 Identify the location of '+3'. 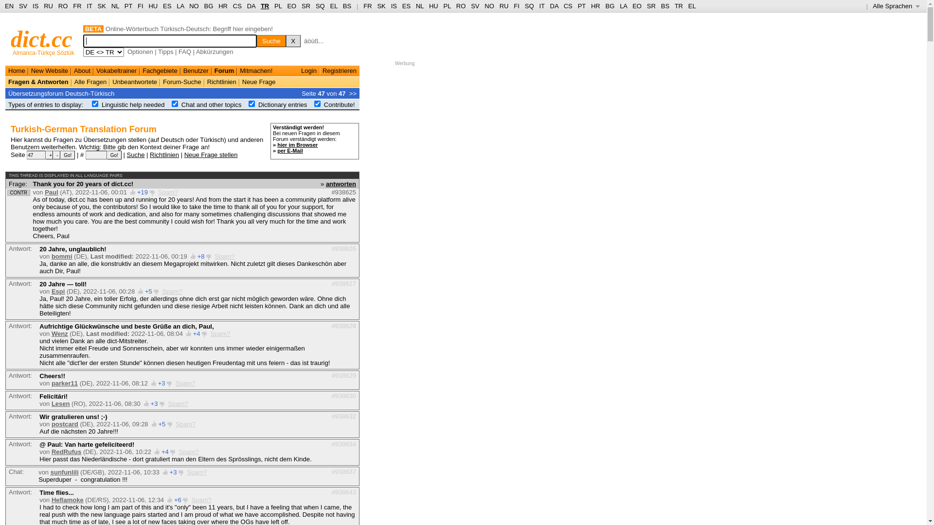
(162, 383).